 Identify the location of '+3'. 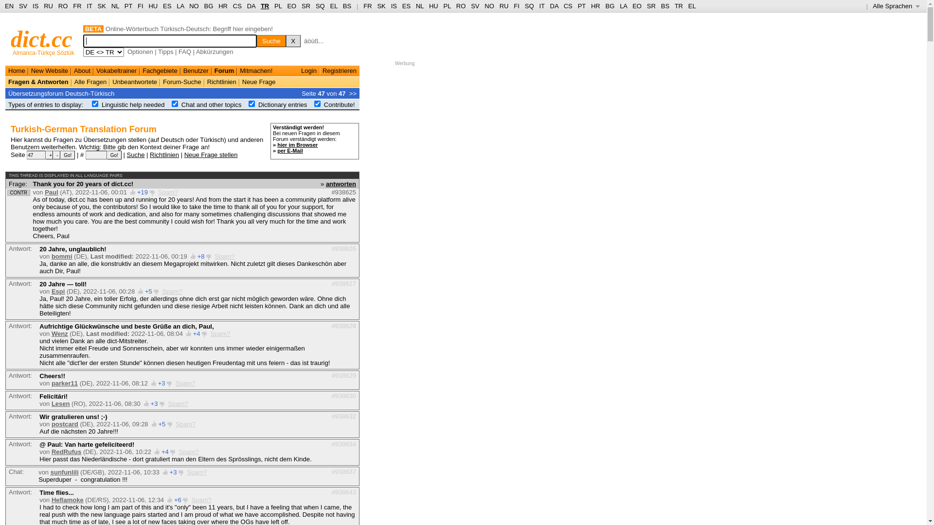
(162, 383).